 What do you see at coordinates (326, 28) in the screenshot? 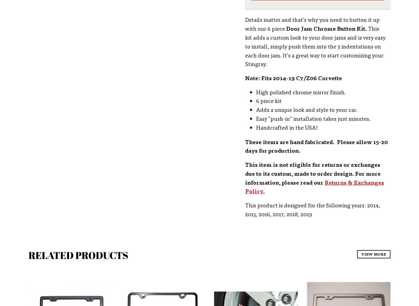
I see `'Door Jam Chrome Button Kit.'` at bounding box center [326, 28].